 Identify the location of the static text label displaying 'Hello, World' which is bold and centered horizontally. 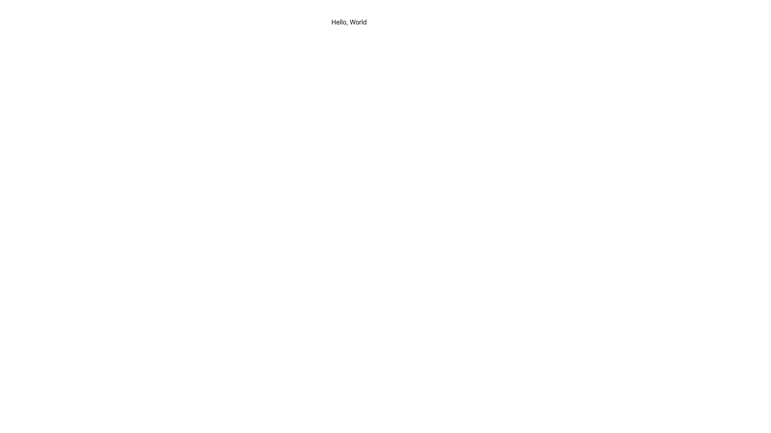
(349, 21).